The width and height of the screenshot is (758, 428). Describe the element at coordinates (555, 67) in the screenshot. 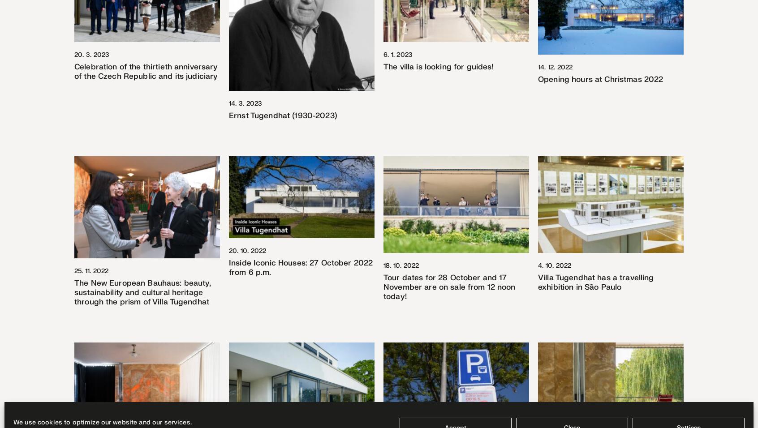

I see `'14. 12. 2022'` at that location.